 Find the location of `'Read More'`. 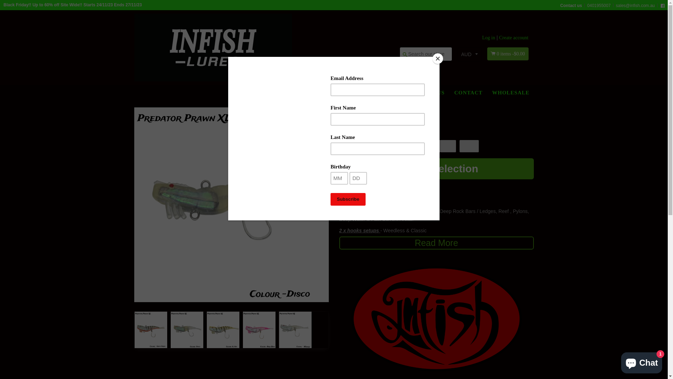

'Read More' is located at coordinates (436, 242).